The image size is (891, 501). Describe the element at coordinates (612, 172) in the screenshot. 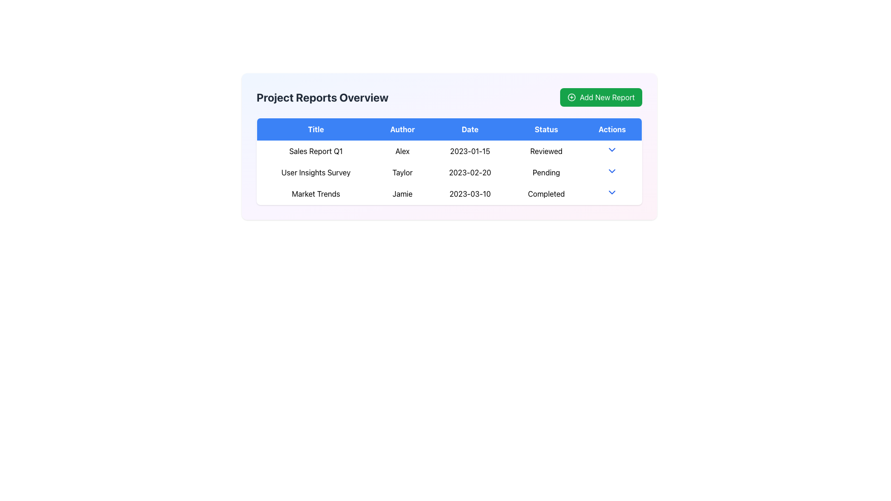

I see `the dropdown trigger icon in the last column of the 'User Insights Survey' row` at that location.